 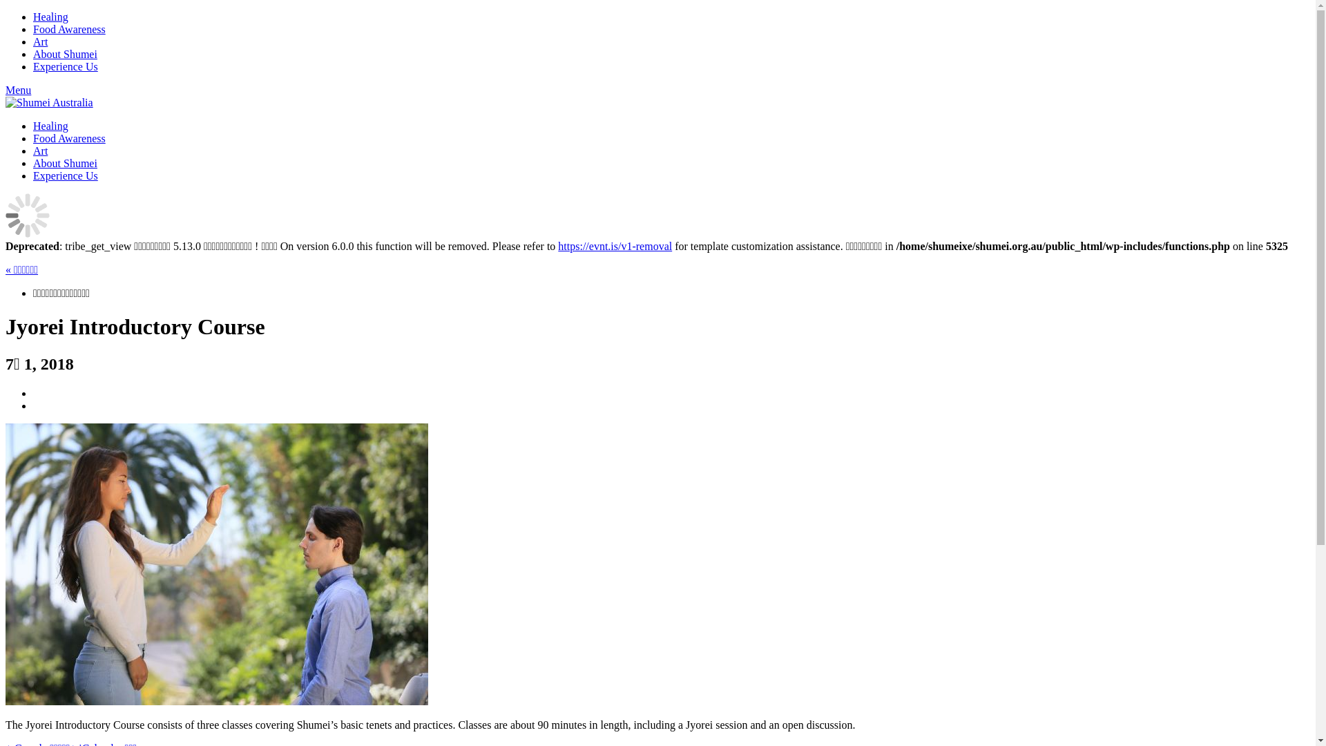 What do you see at coordinates (64, 53) in the screenshot?
I see `'About Shumei'` at bounding box center [64, 53].